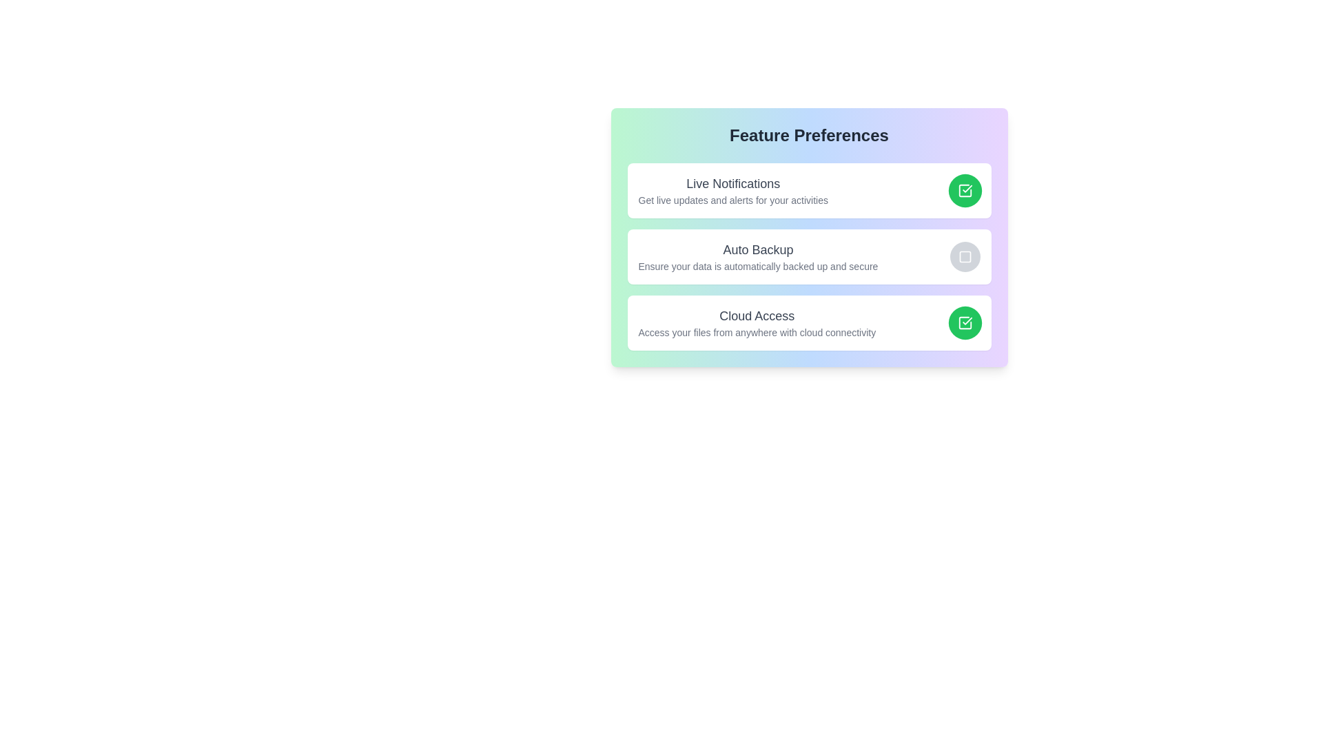 This screenshot has height=744, width=1323. I want to click on the text element that reads 'Get live updates and alerts for your activities', which is styled in a smaller gray font and located below the 'Live Notifications' header, so click(732, 200).